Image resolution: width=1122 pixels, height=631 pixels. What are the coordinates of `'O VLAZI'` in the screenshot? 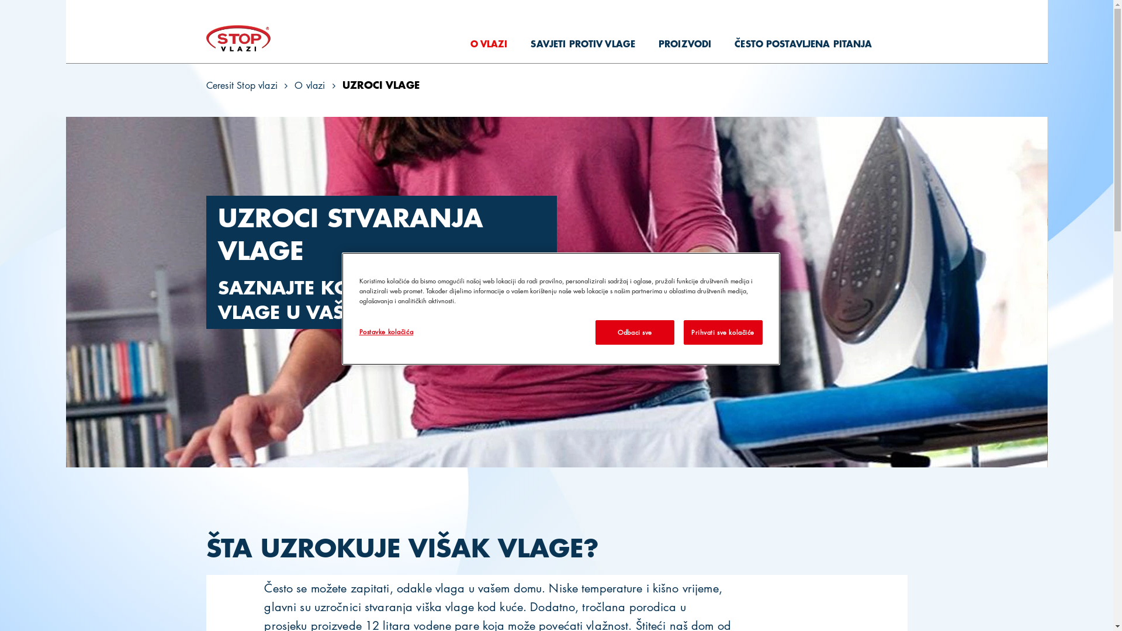 It's located at (458, 43).